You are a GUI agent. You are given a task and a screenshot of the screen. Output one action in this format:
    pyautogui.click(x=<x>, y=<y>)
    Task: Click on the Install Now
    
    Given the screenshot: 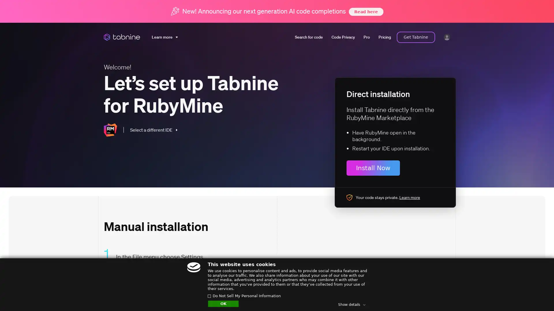 What is the action you would take?
    pyautogui.click(x=373, y=168)
    